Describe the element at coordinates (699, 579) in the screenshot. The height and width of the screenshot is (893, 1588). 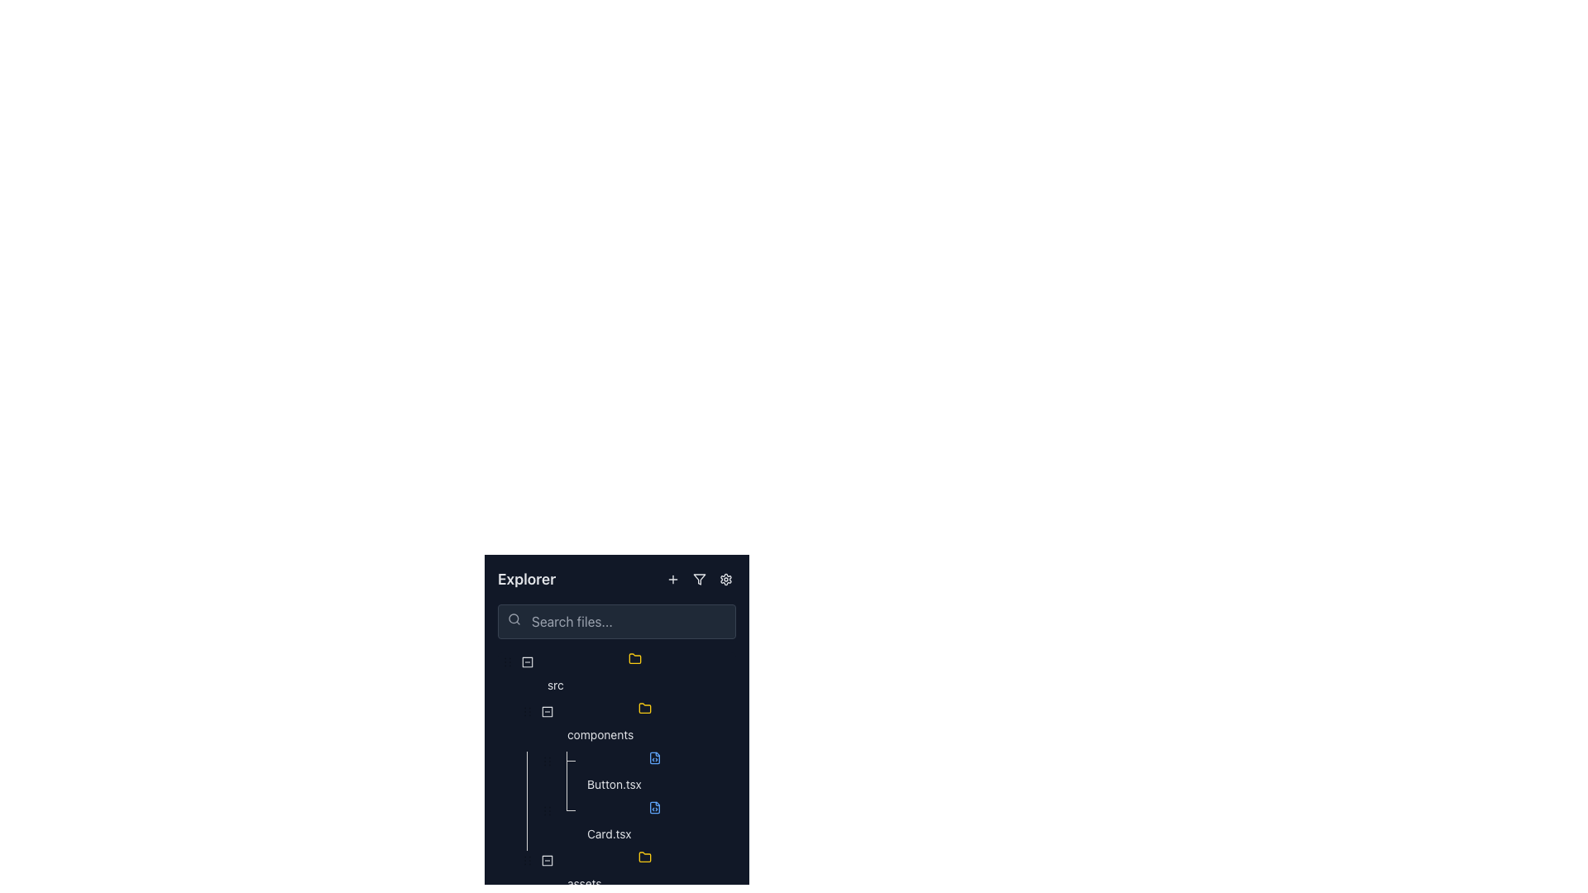
I see `the filter icon button, which resembles a funnel and is located at the top-right corner of the Explorer panel, to invoke its filtering functionality` at that location.